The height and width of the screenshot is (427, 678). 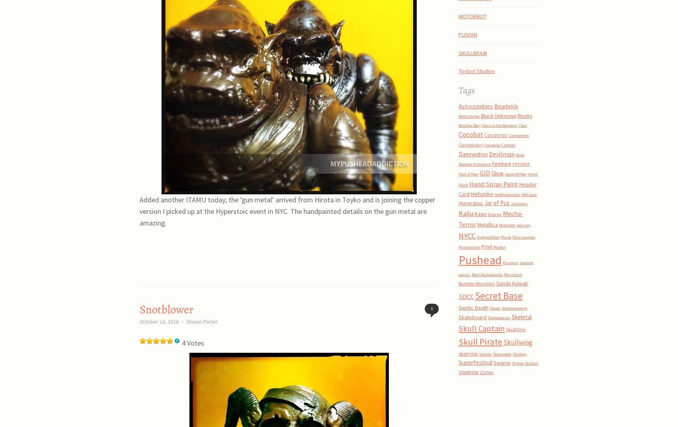 What do you see at coordinates (459, 189) in the screenshot?
I see `'Header Card'` at bounding box center [459, 189].